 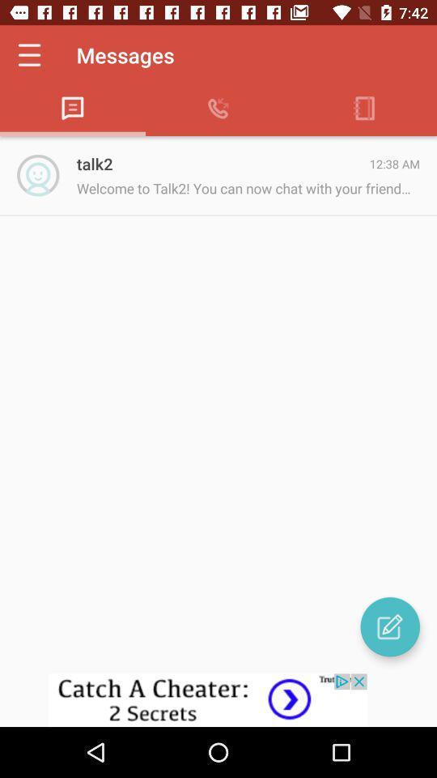 I want to click on write a new message, so click(x=389, y=626).